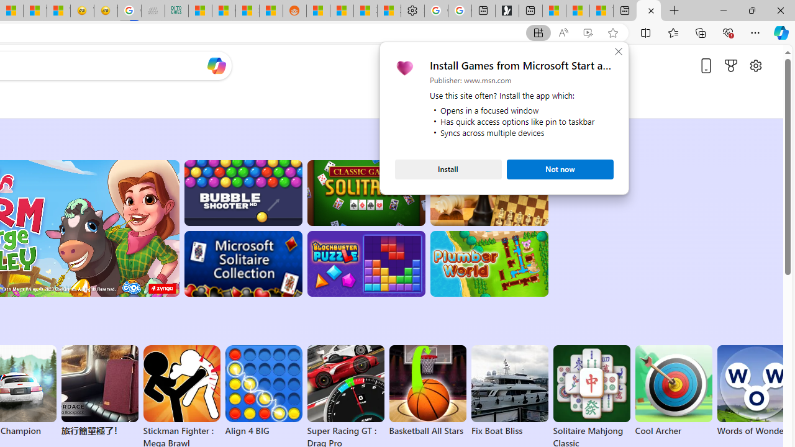  Describe the element at coordinates (243, 263) in the screenshot. I see `'Microsoft Solitaire Collection'` at that location.